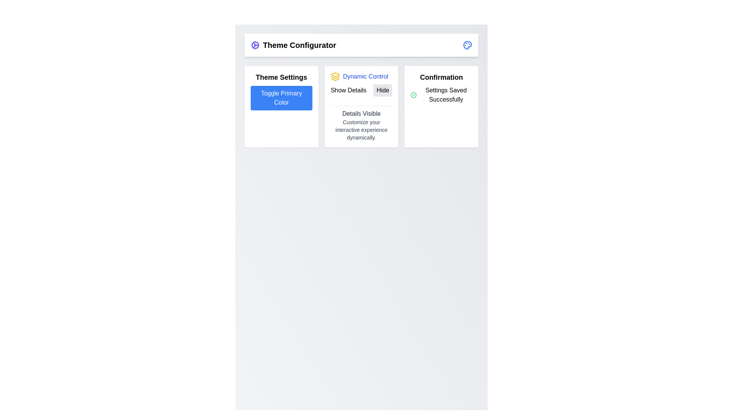  What do you see at coordinates (255, 45) in the screenshot?
I see `the cogwheel icon representing settings or configuration options, located towards the top-left of the interface, adjacent to the 'Theme Configurator' title` at bounding box center [255, 45].